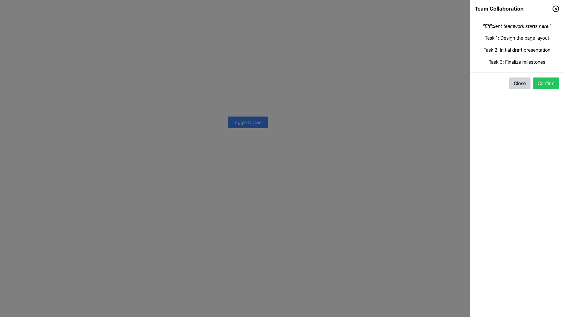 The height and width of the screenshot is (317, 564). Describe the element at coordinates (545, 83) in the screenshot. I see `the confirm button located in the footer section at the bottom right of the panel, which is immediately to the right of the 'Close' button, to confirm the action` at that location.